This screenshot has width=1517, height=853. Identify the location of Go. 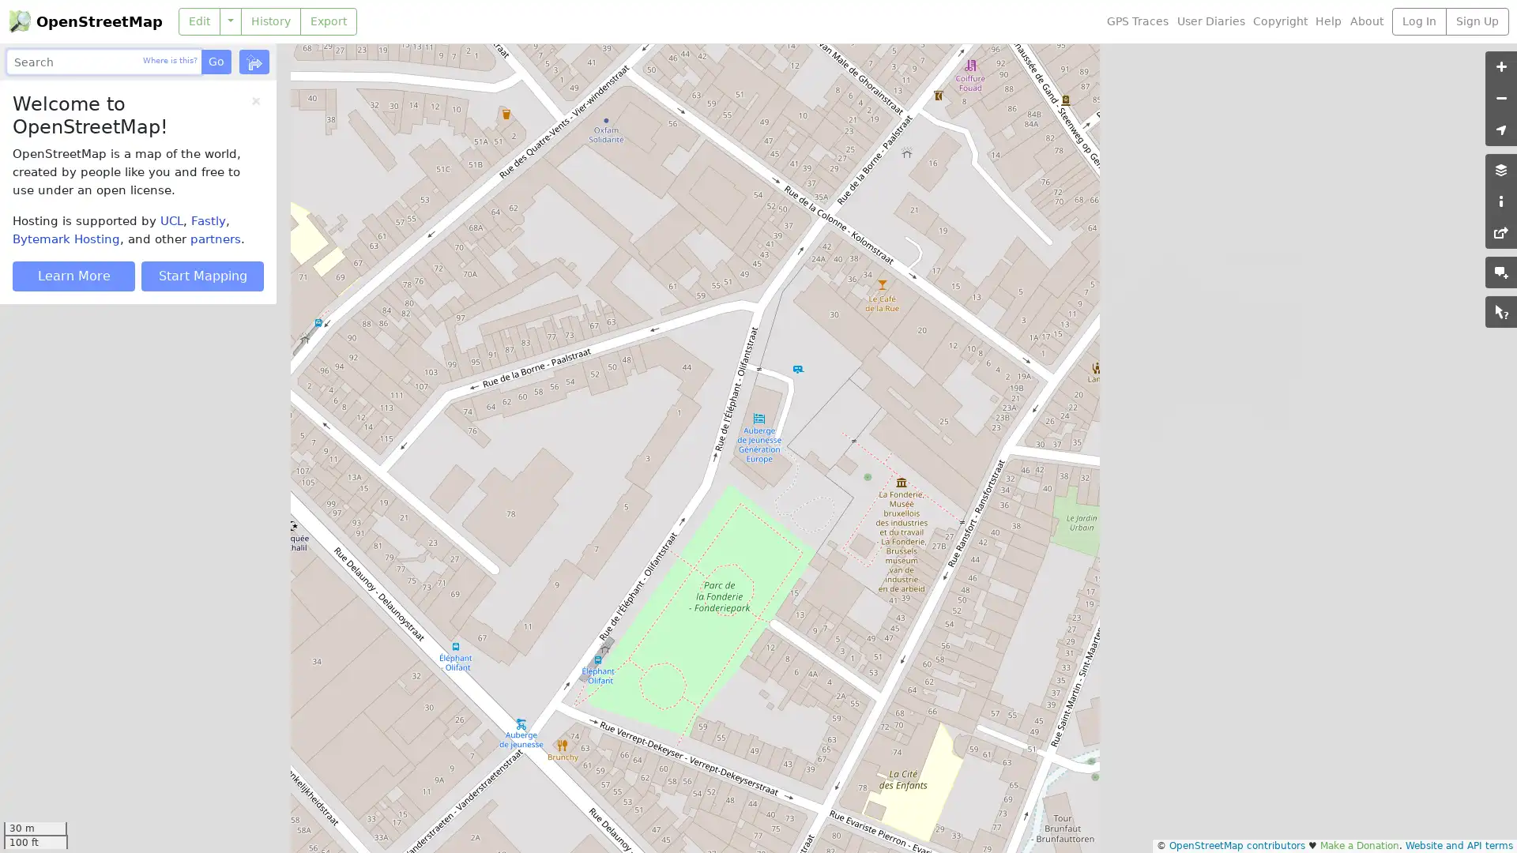
(215, 61).